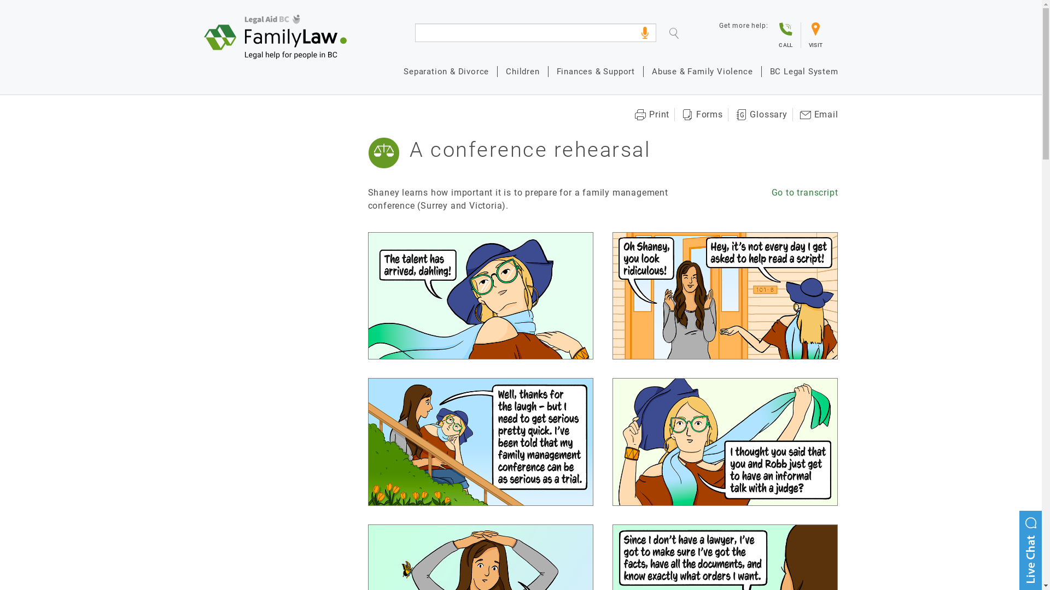  Describe the element at coordinates (496, 72) in the screenshot. I see `'Children'` at that location.